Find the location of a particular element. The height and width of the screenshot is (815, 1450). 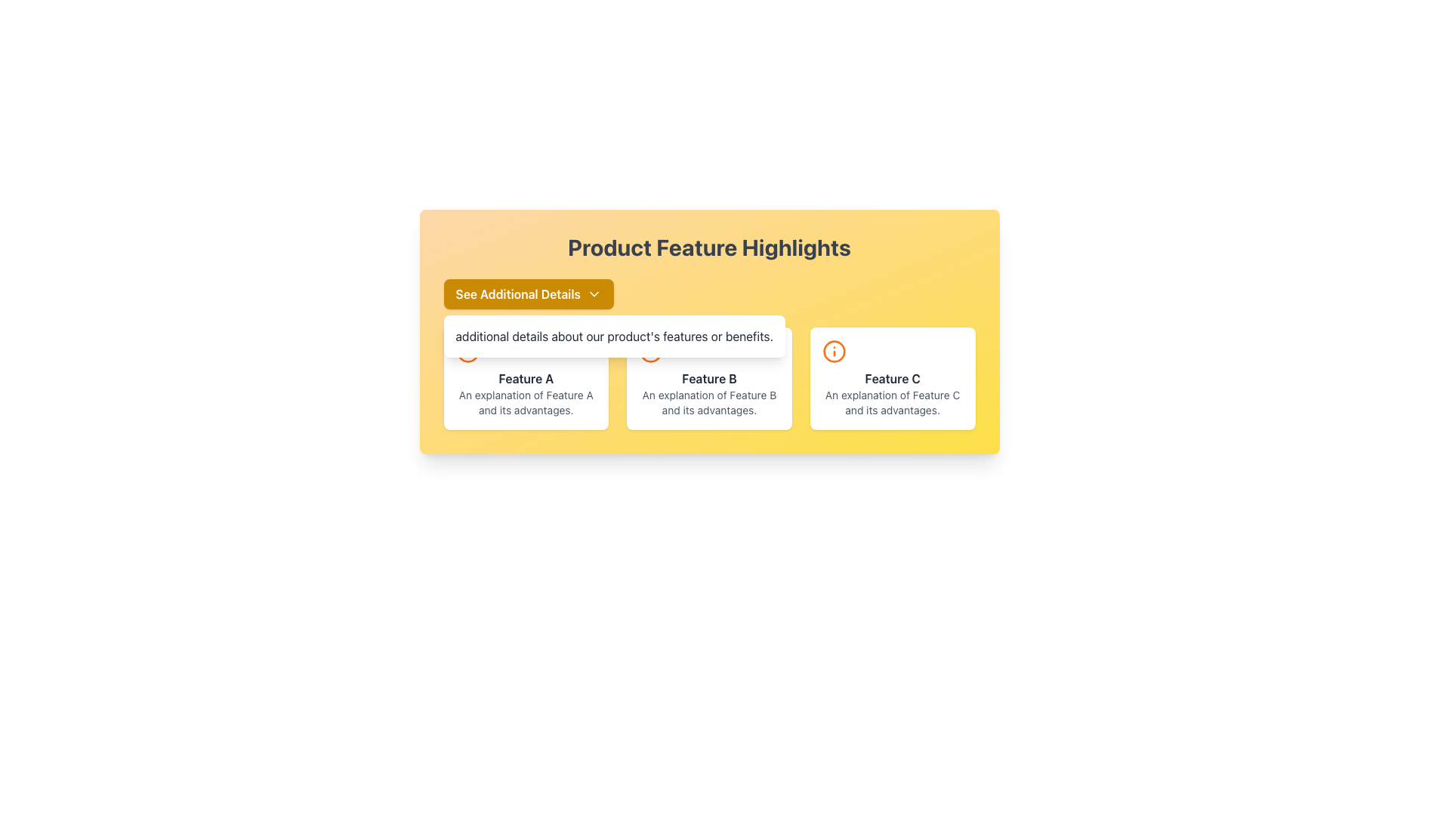

the tooltip containing 'additional details about our product's features or benefits', which is positioned centrally below the 'See Additional Details' button is located at coordinates (614, 336).